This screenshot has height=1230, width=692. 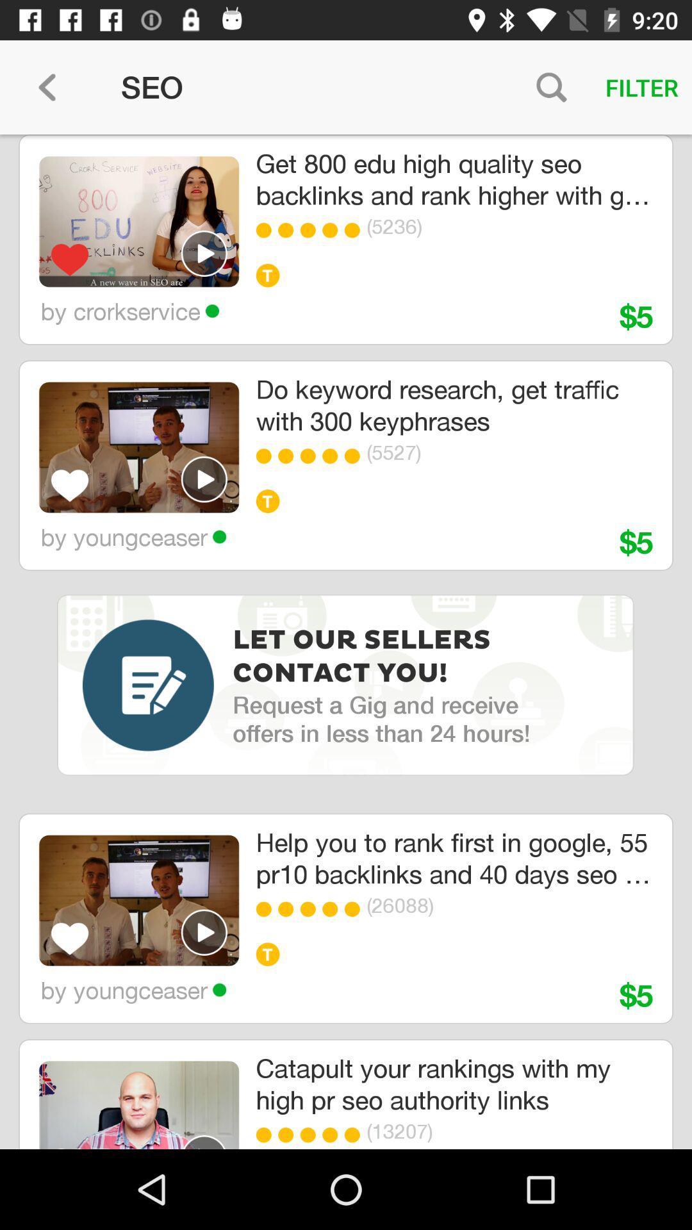 I want to click on the icon to the left of (5527), so click(x=356, y=456).